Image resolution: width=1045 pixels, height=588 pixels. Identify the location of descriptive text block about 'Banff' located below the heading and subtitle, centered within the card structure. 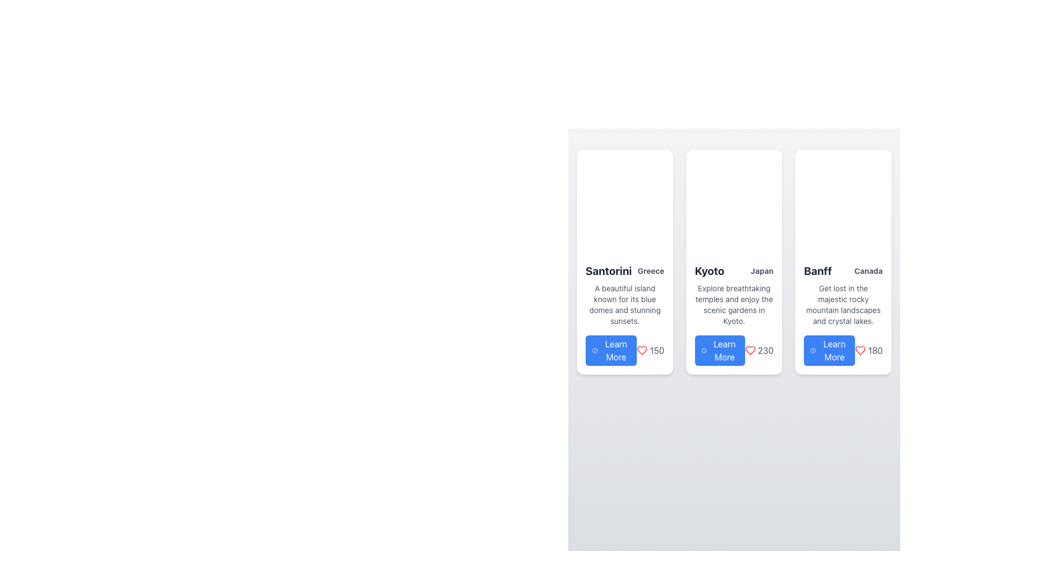
(843, 304).